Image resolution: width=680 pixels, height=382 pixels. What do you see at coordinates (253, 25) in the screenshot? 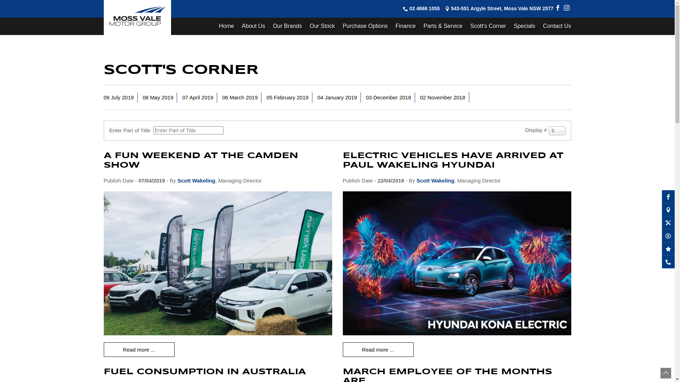
I see `'About Us'` at bounding box center [253, 25].